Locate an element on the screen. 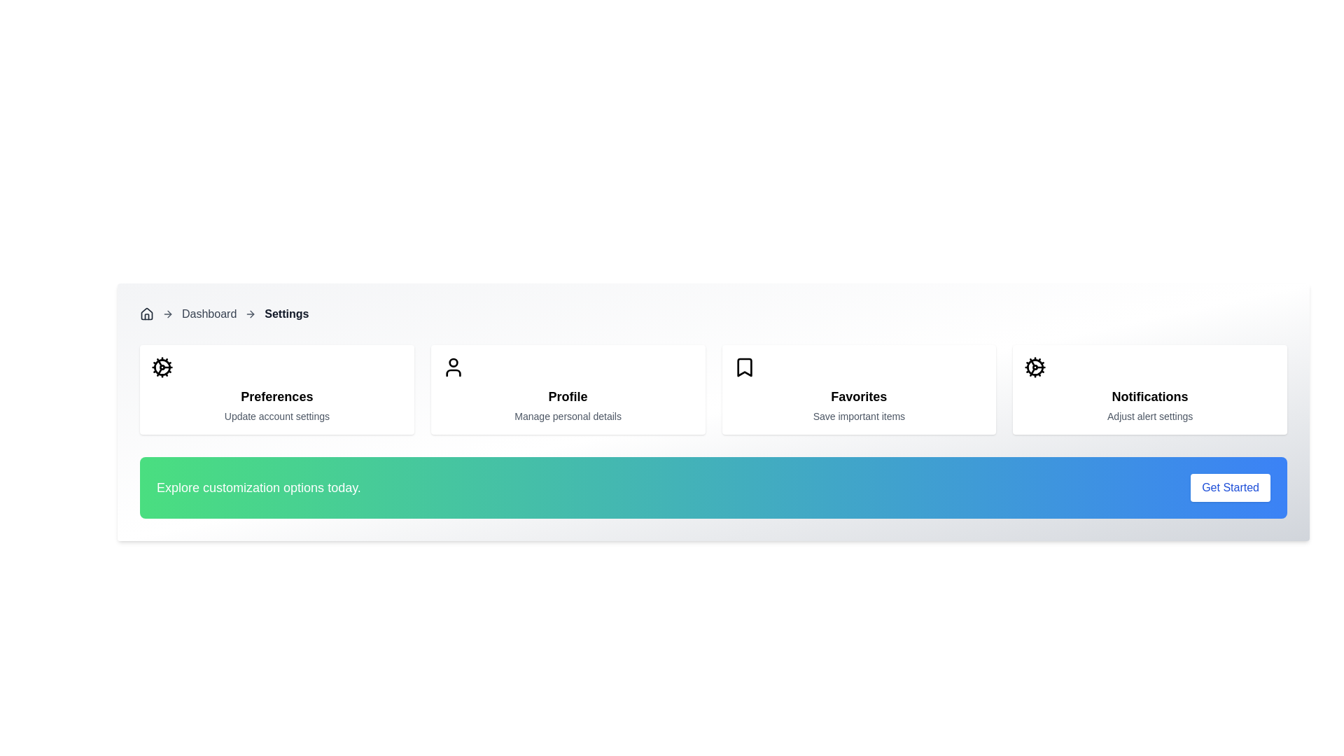 This screenshot has width=1344, height=756. the SVG icon with a bookmark shape located in the 'Favorites' section of the interface, which has a black stroke and no fill is located at coordinates (743, 366).